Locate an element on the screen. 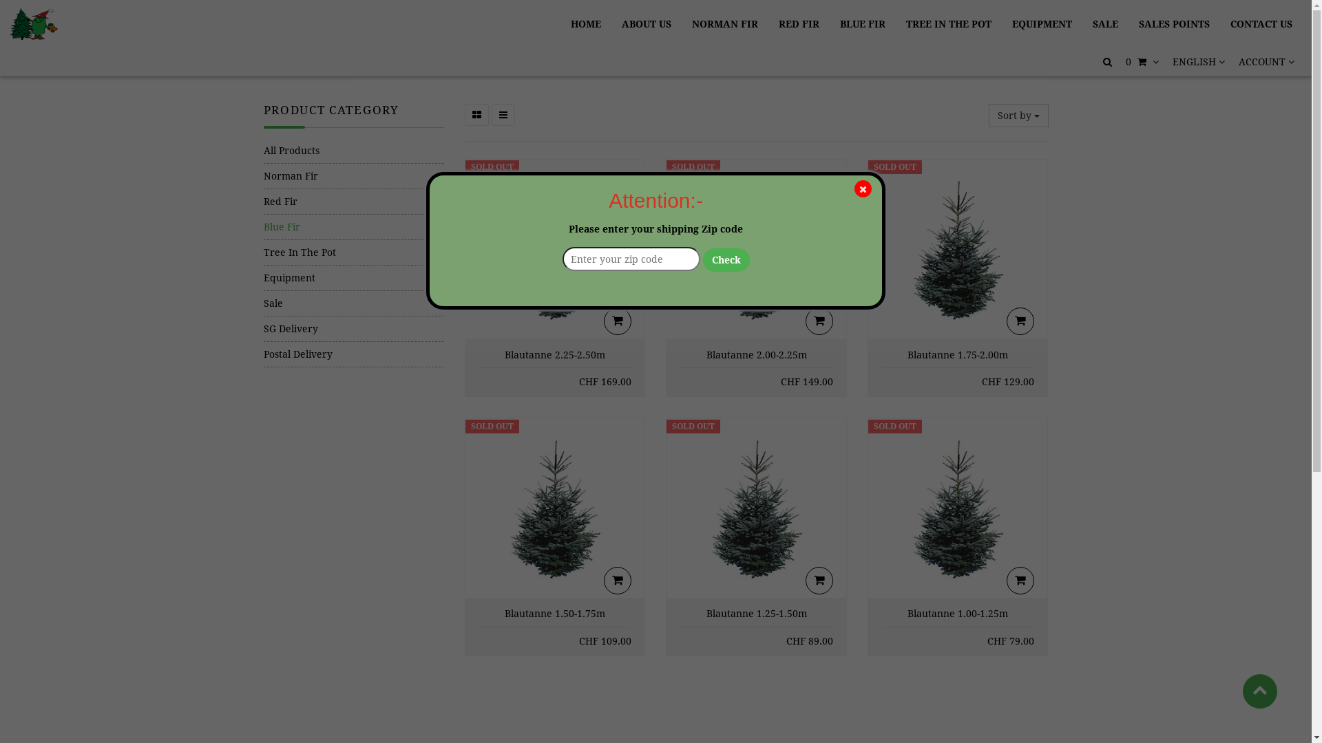 The width and height of the screenshot is (1322, 743). 'NORMAN FIR' is located at coordinates (724, 23).